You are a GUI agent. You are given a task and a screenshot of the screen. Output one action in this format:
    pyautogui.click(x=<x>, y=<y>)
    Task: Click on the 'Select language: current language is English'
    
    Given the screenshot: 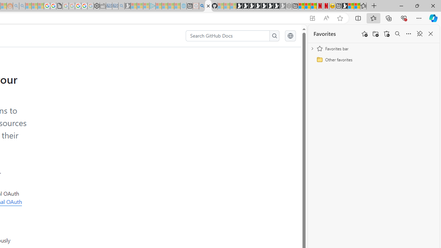 What is the action you would take?
    pyautogui.click(x=290, y=36)
    